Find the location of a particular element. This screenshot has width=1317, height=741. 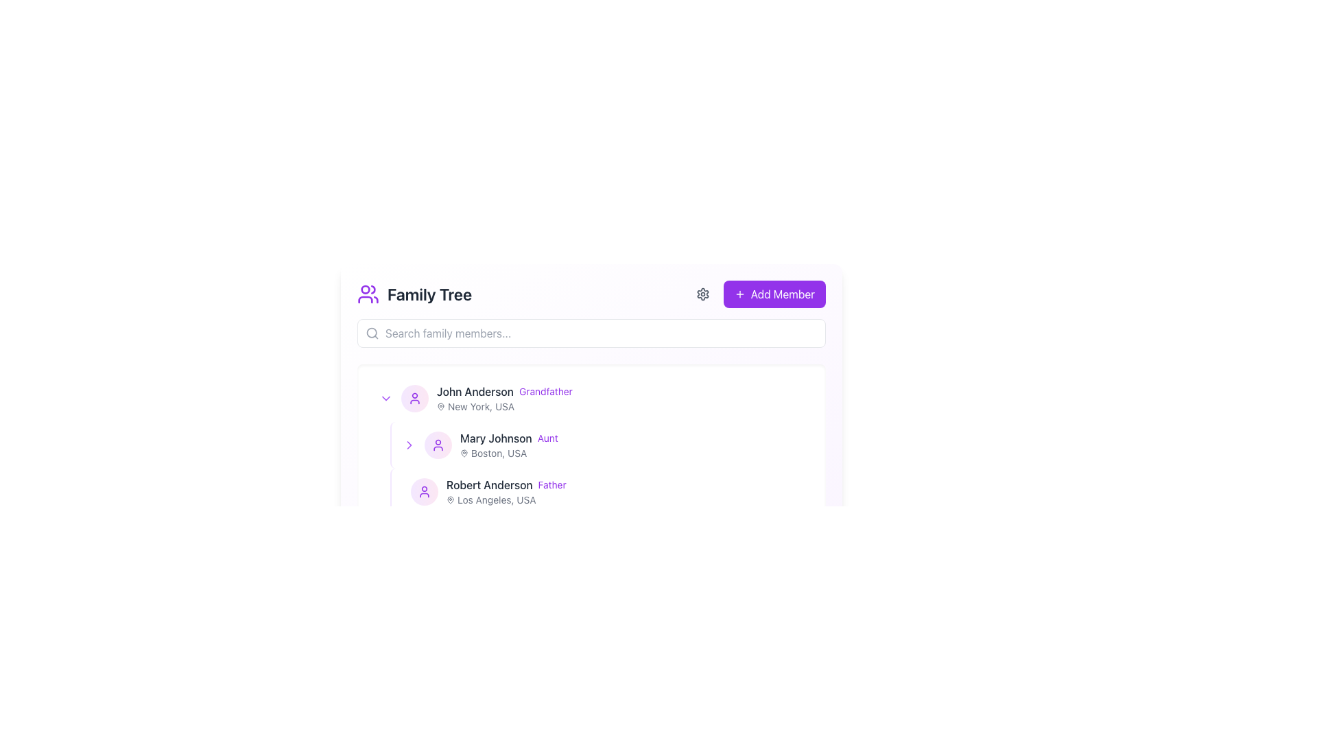

the minimalist light gray magnifying glass icon located at the left edge of the search input box, which signifies a search function is located at coordinates (372, 333).